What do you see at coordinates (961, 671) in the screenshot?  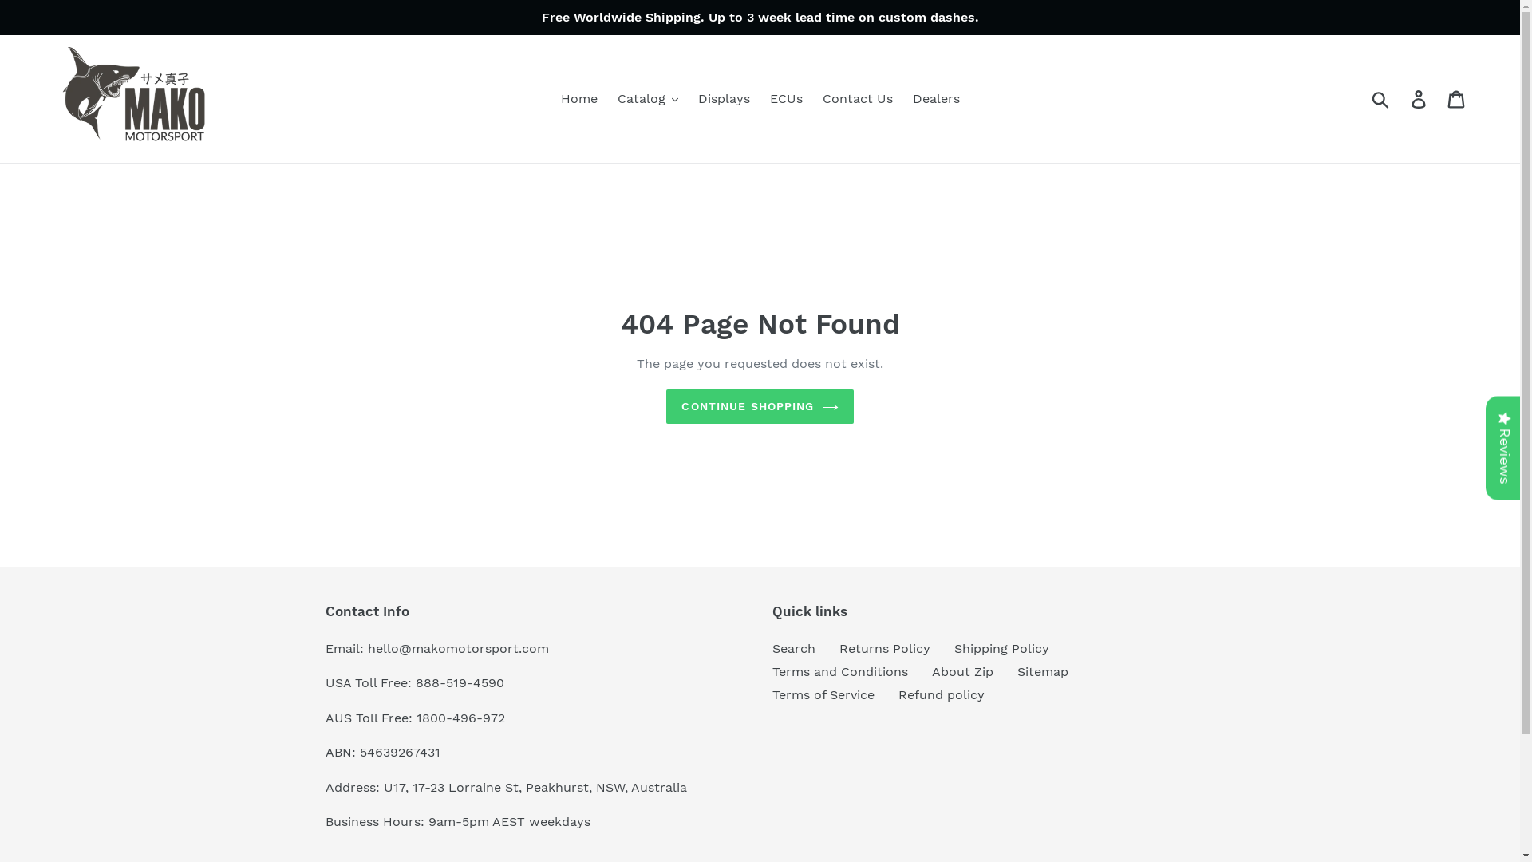 I see `'About Zip'` at bounding box center [961, 671].